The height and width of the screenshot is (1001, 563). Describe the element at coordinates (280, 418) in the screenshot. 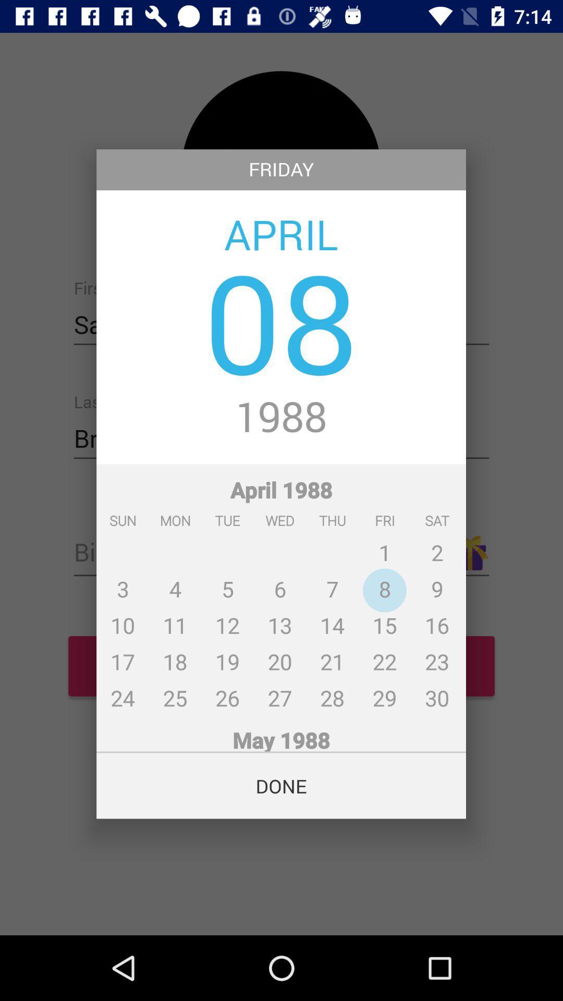

I see `1988 icon` at that location.